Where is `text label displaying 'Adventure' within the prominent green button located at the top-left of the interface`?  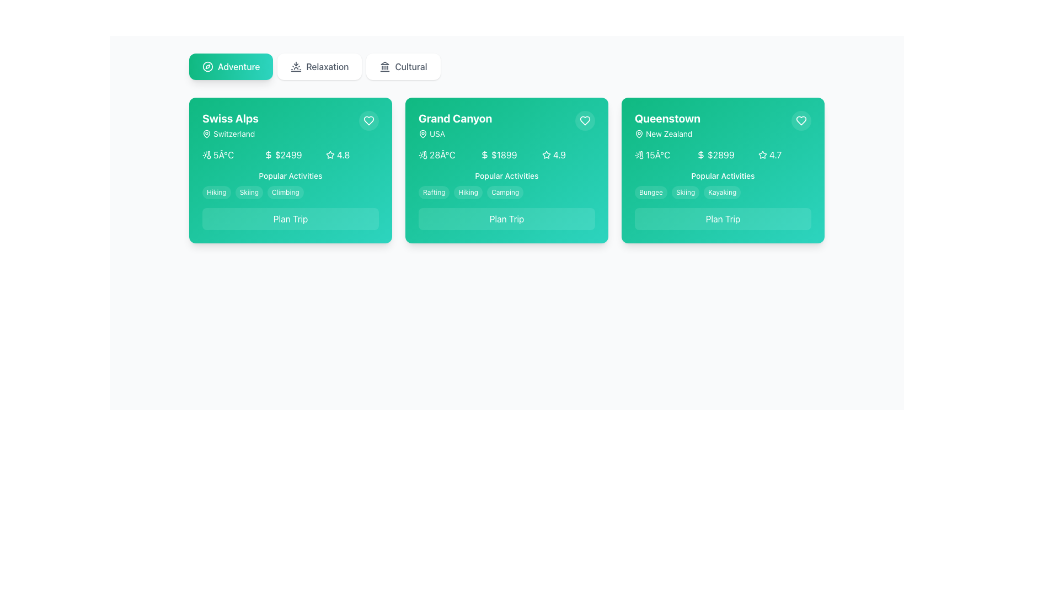 text label displaying 'Adventure' within the prominent green button located at the top-left of the interface is located at coordinates (238, 66).